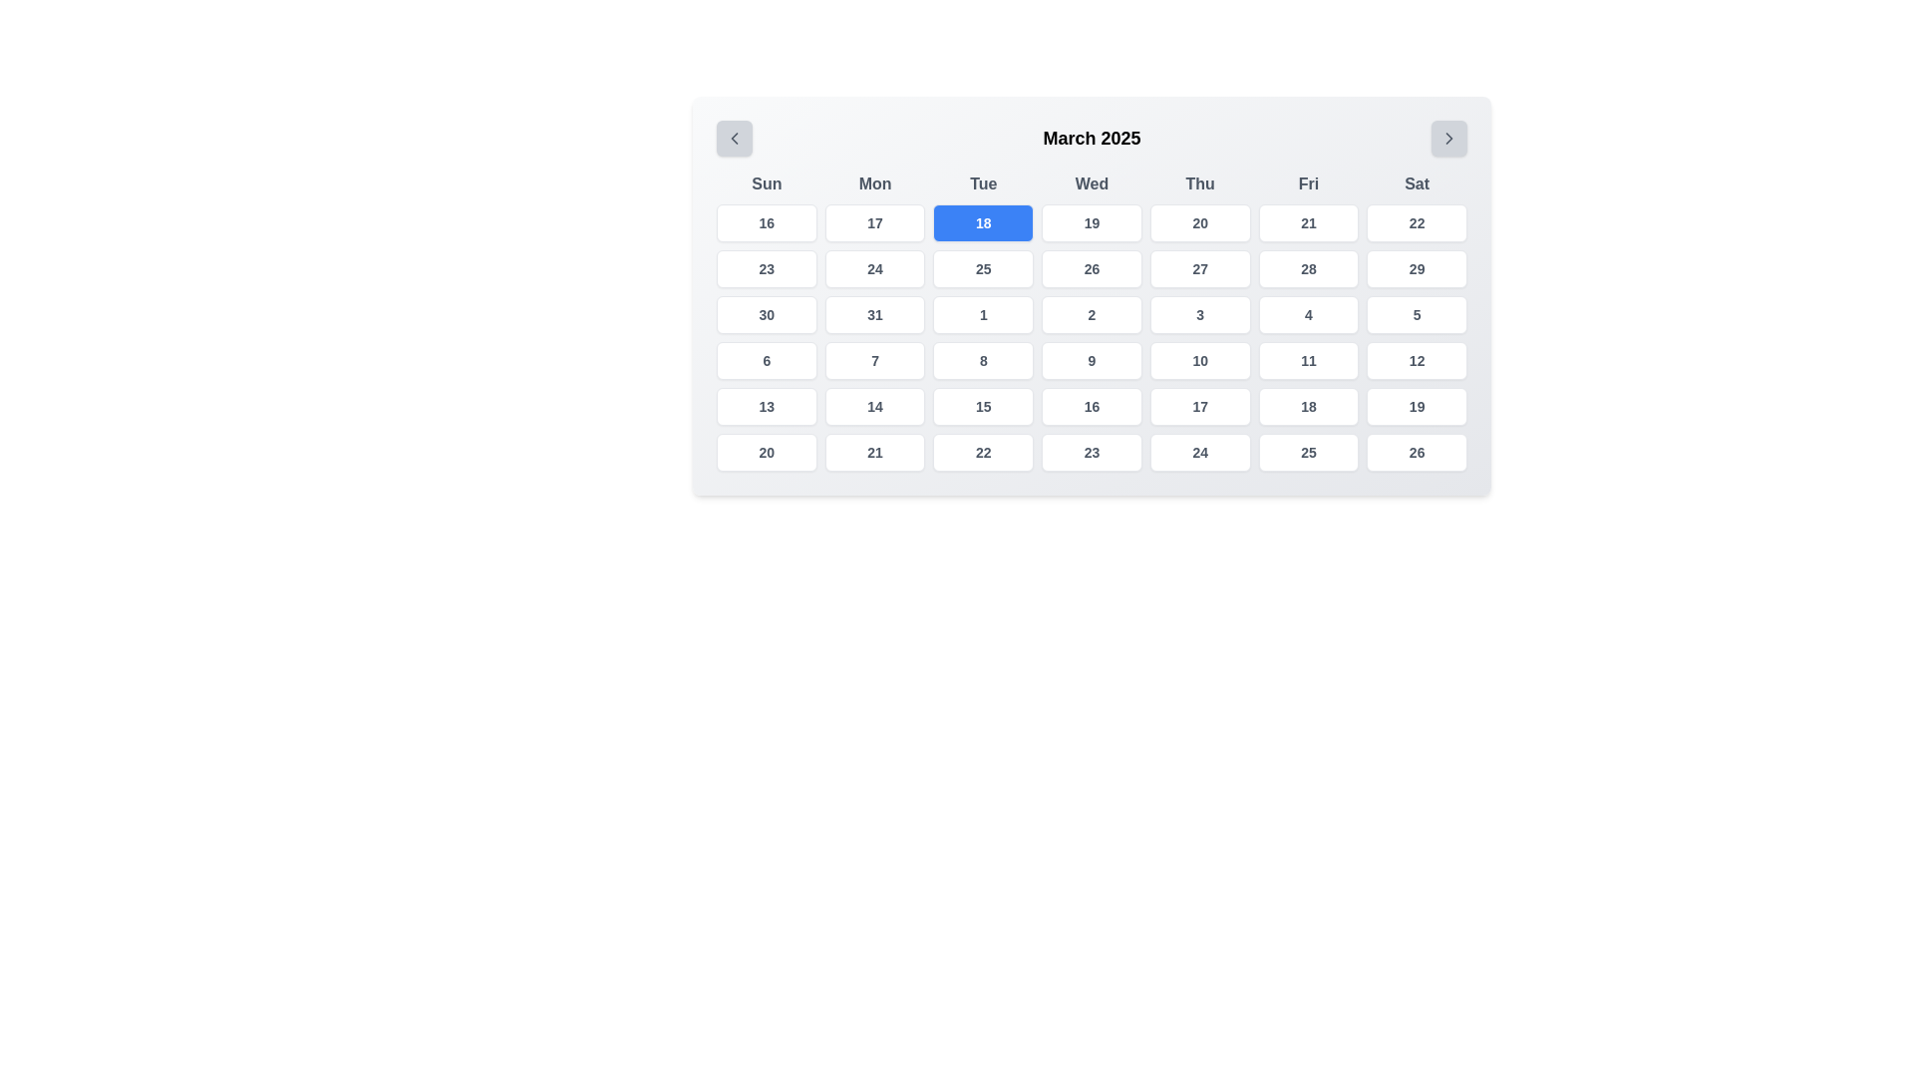 The image size is (1914, 1077). I want to click on the navigation icon located in the top-right corner of the calendar view to move forward to the next month, so click(1449, 137).